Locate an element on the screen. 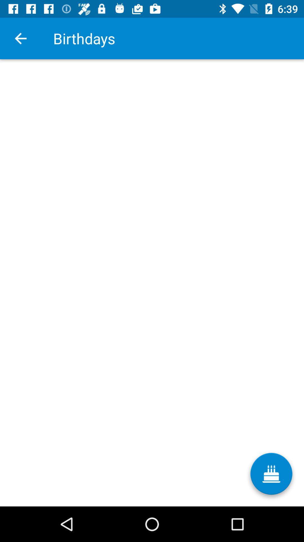 The image size is (304, 542). icon next to the birthdays is located at coordinates (20, 38).